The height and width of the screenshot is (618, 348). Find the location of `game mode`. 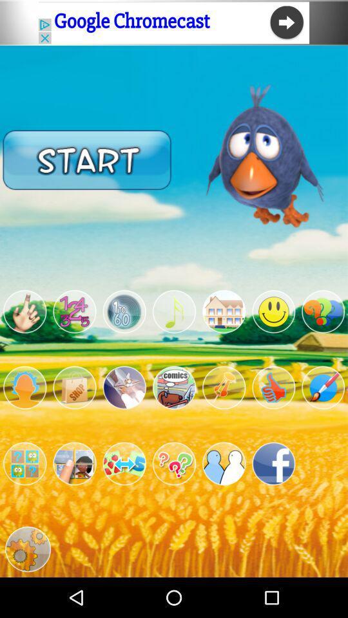

game mode is located at coordinates (223, 464).